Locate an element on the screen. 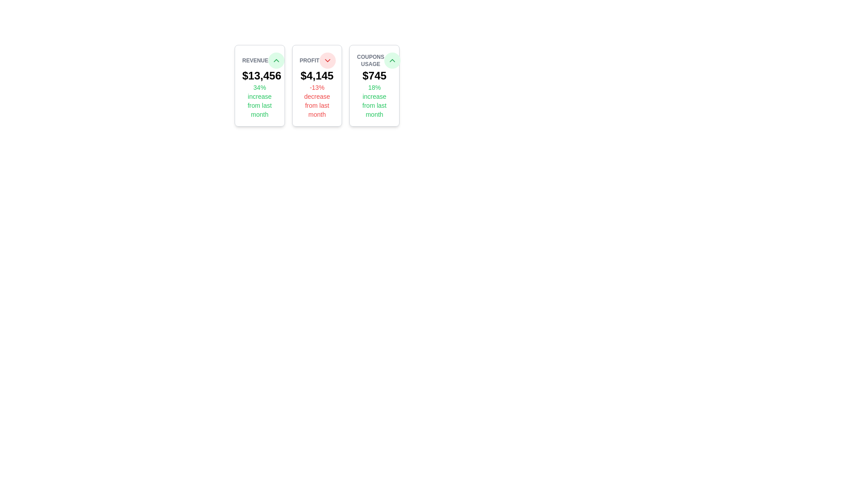 Image resolution: width=863 pixels, height=485 pixels. the upward arrow icon in the top-right corner of the Revenue information card, which indicates an increase is located at coordinates (259, 86).